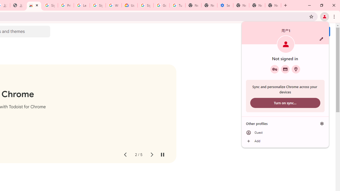 This screenshot has height=191, width=340. What do you see at coordinates (177, 5) in the screenshot?
I see `'Turn cookies on or off - Computer - Google Account Help'` at bounding box center [177, 5].